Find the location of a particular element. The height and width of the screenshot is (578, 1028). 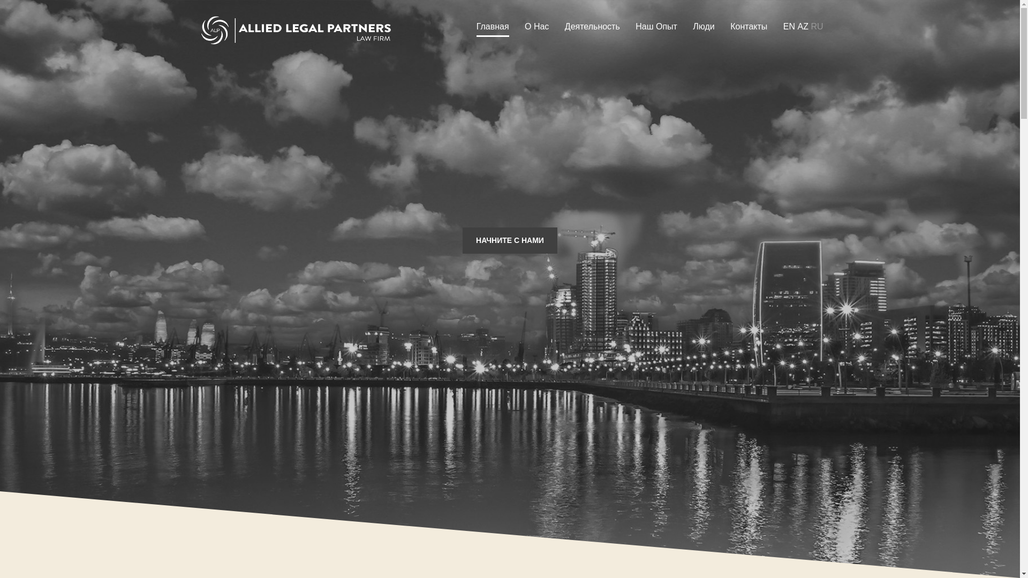

'EN' is located at coordinates (789, 26).